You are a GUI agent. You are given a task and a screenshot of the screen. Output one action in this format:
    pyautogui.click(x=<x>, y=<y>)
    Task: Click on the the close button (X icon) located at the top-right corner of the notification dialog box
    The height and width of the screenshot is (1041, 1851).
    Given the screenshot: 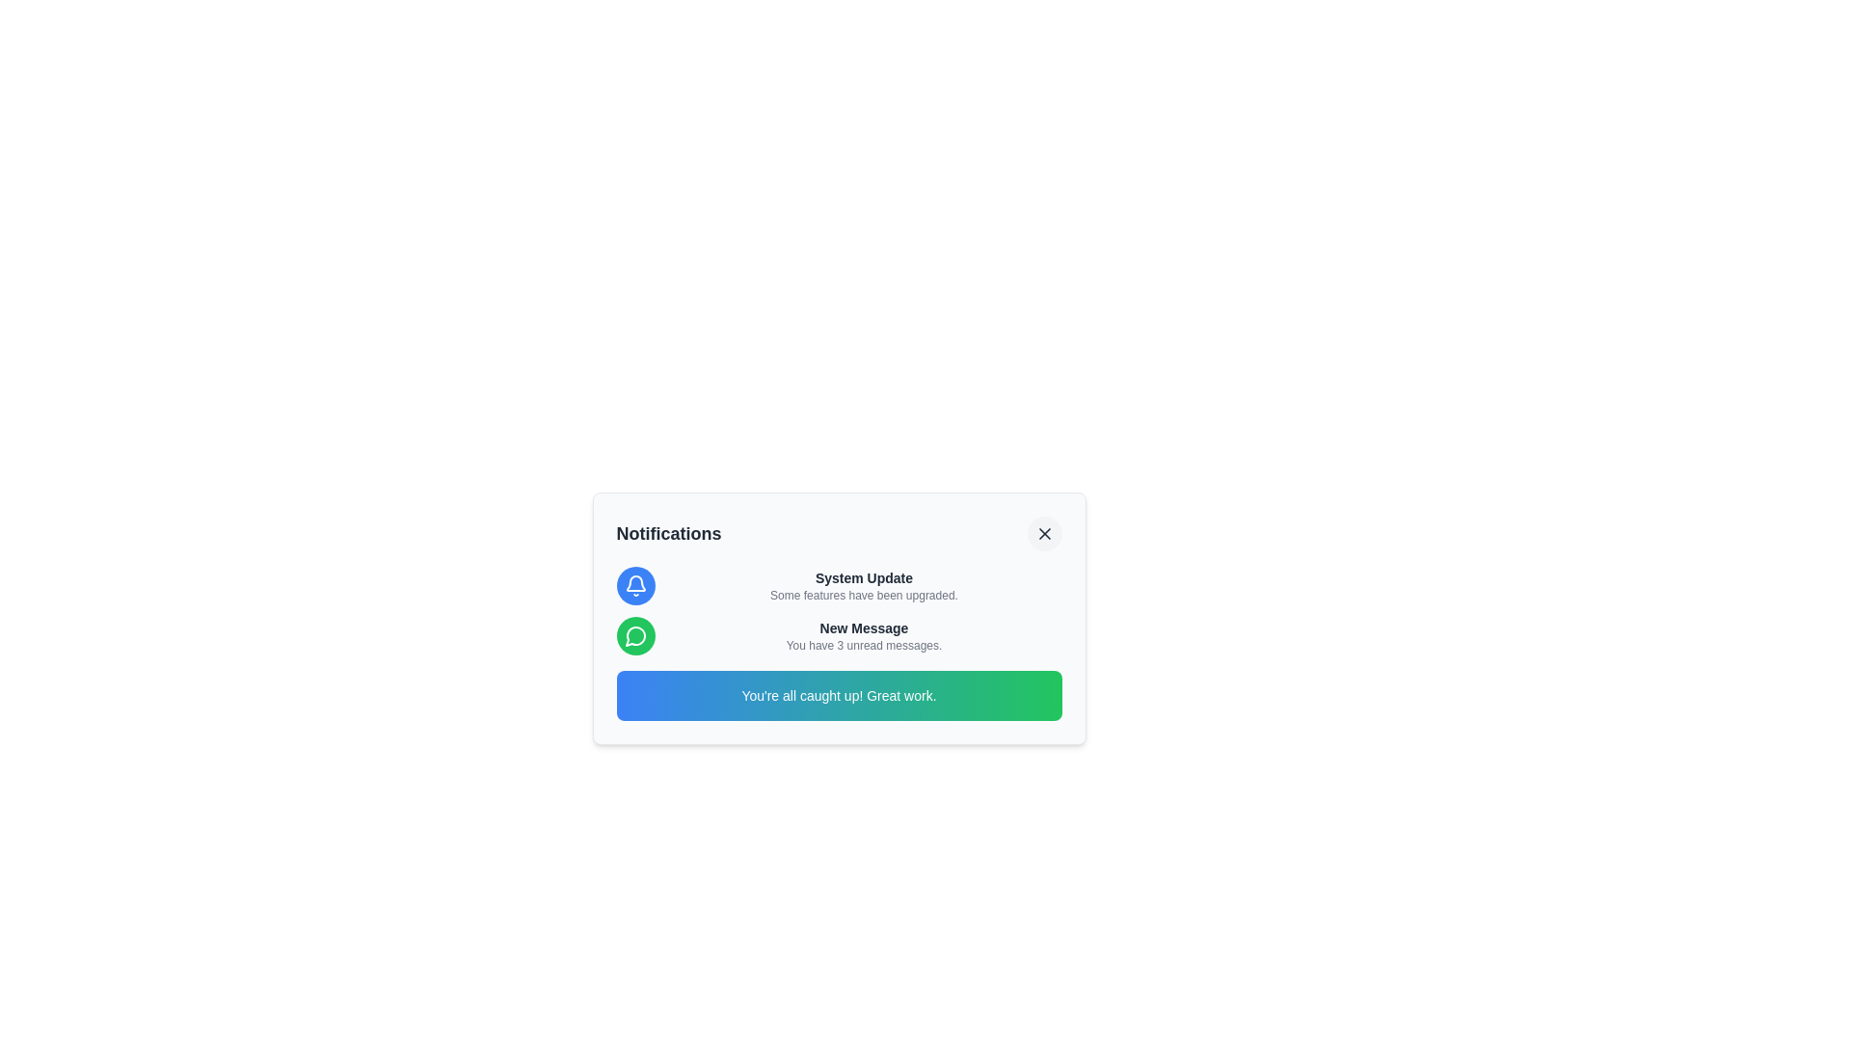 What is the action you would take?
    pyautogui.click(x=1043, y=534)
    